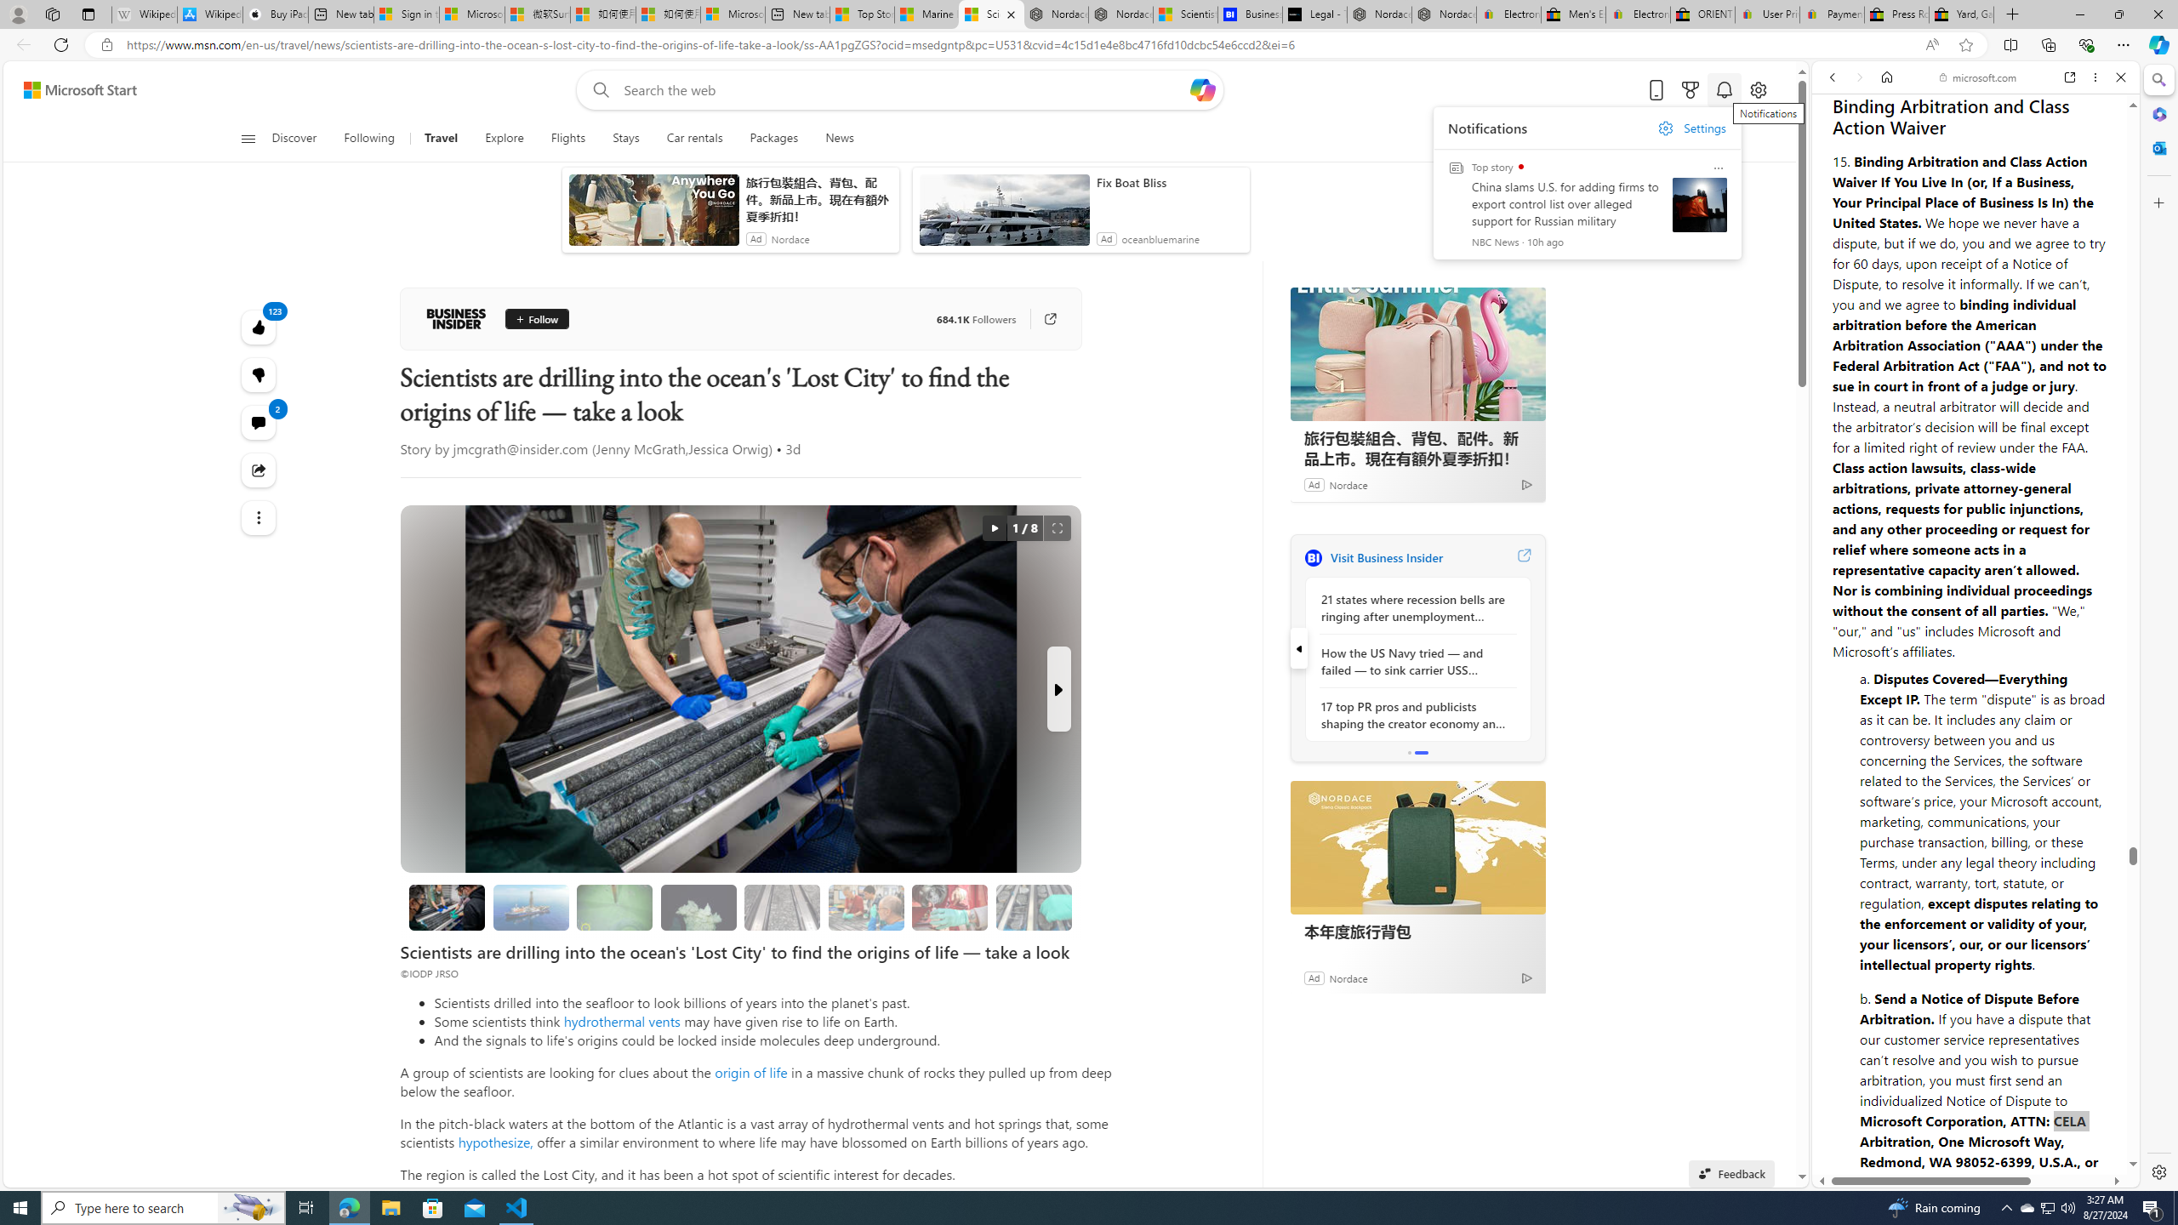 Image resolution: width=2178 pixels, height=1225 pixels. I want to click on 'hypothesize,', so click(495, 1141).